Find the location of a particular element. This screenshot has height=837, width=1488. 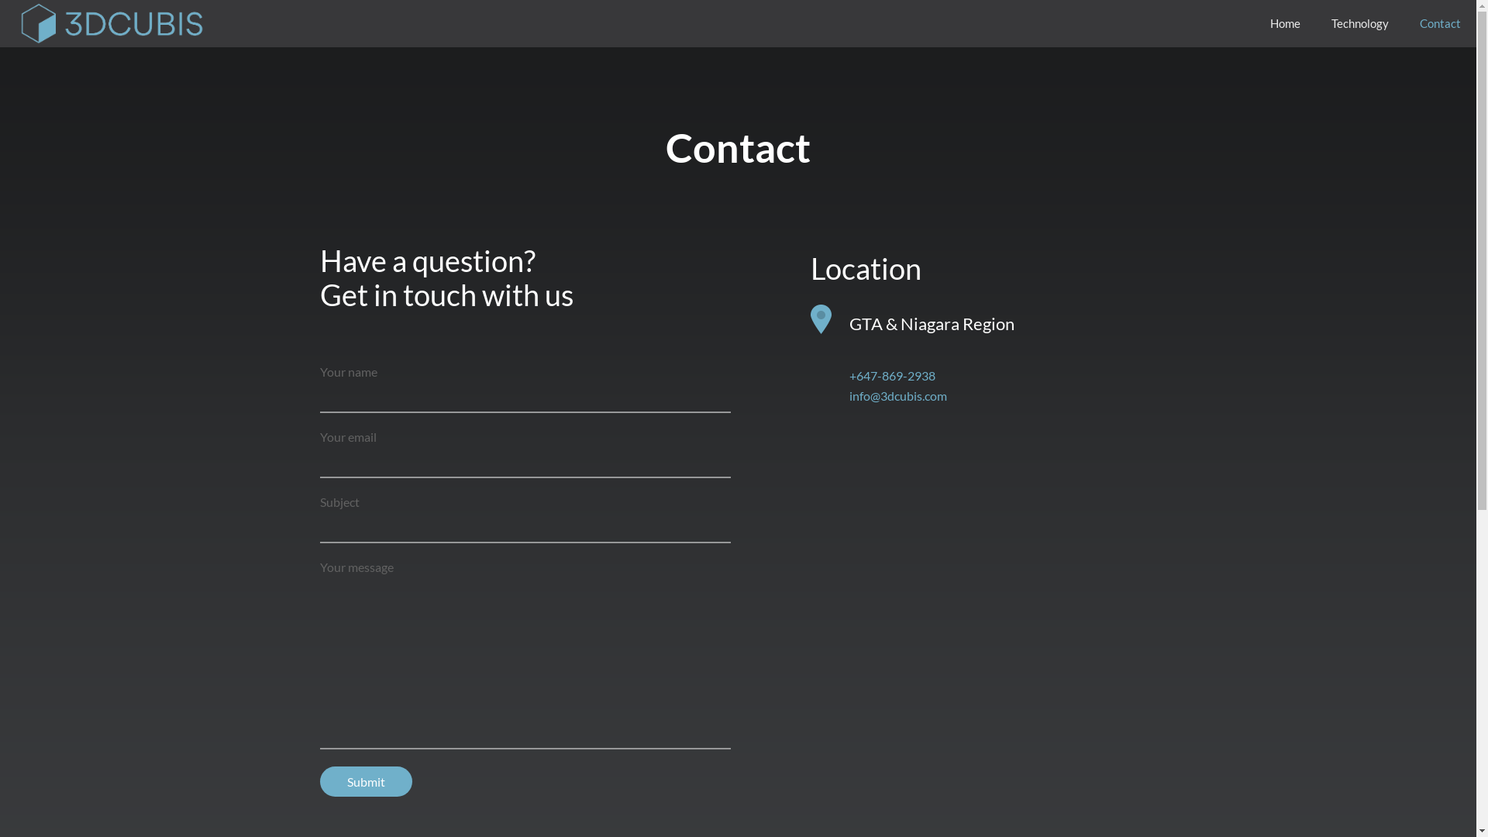

'Contact' is located at coordinates (1439, 23).